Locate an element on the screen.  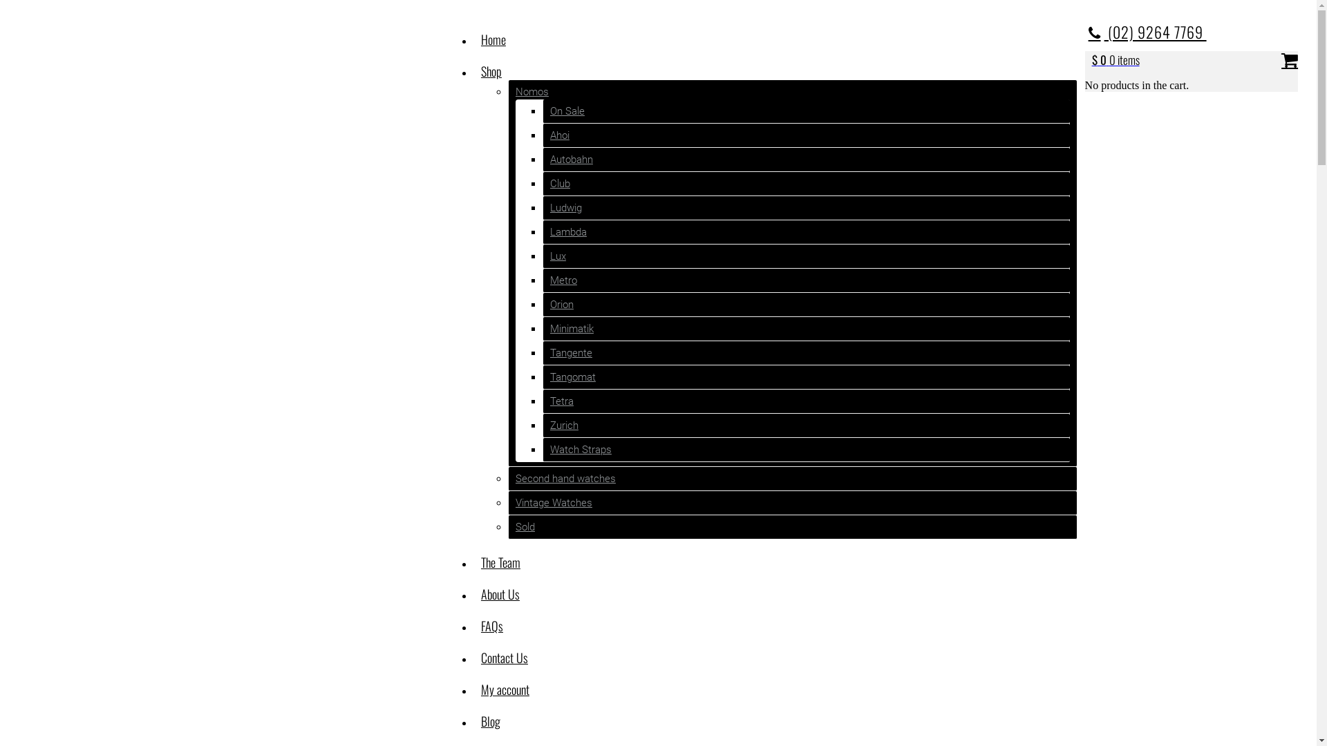
'$ 0 0 items' is located at coordinates (1116, 60).